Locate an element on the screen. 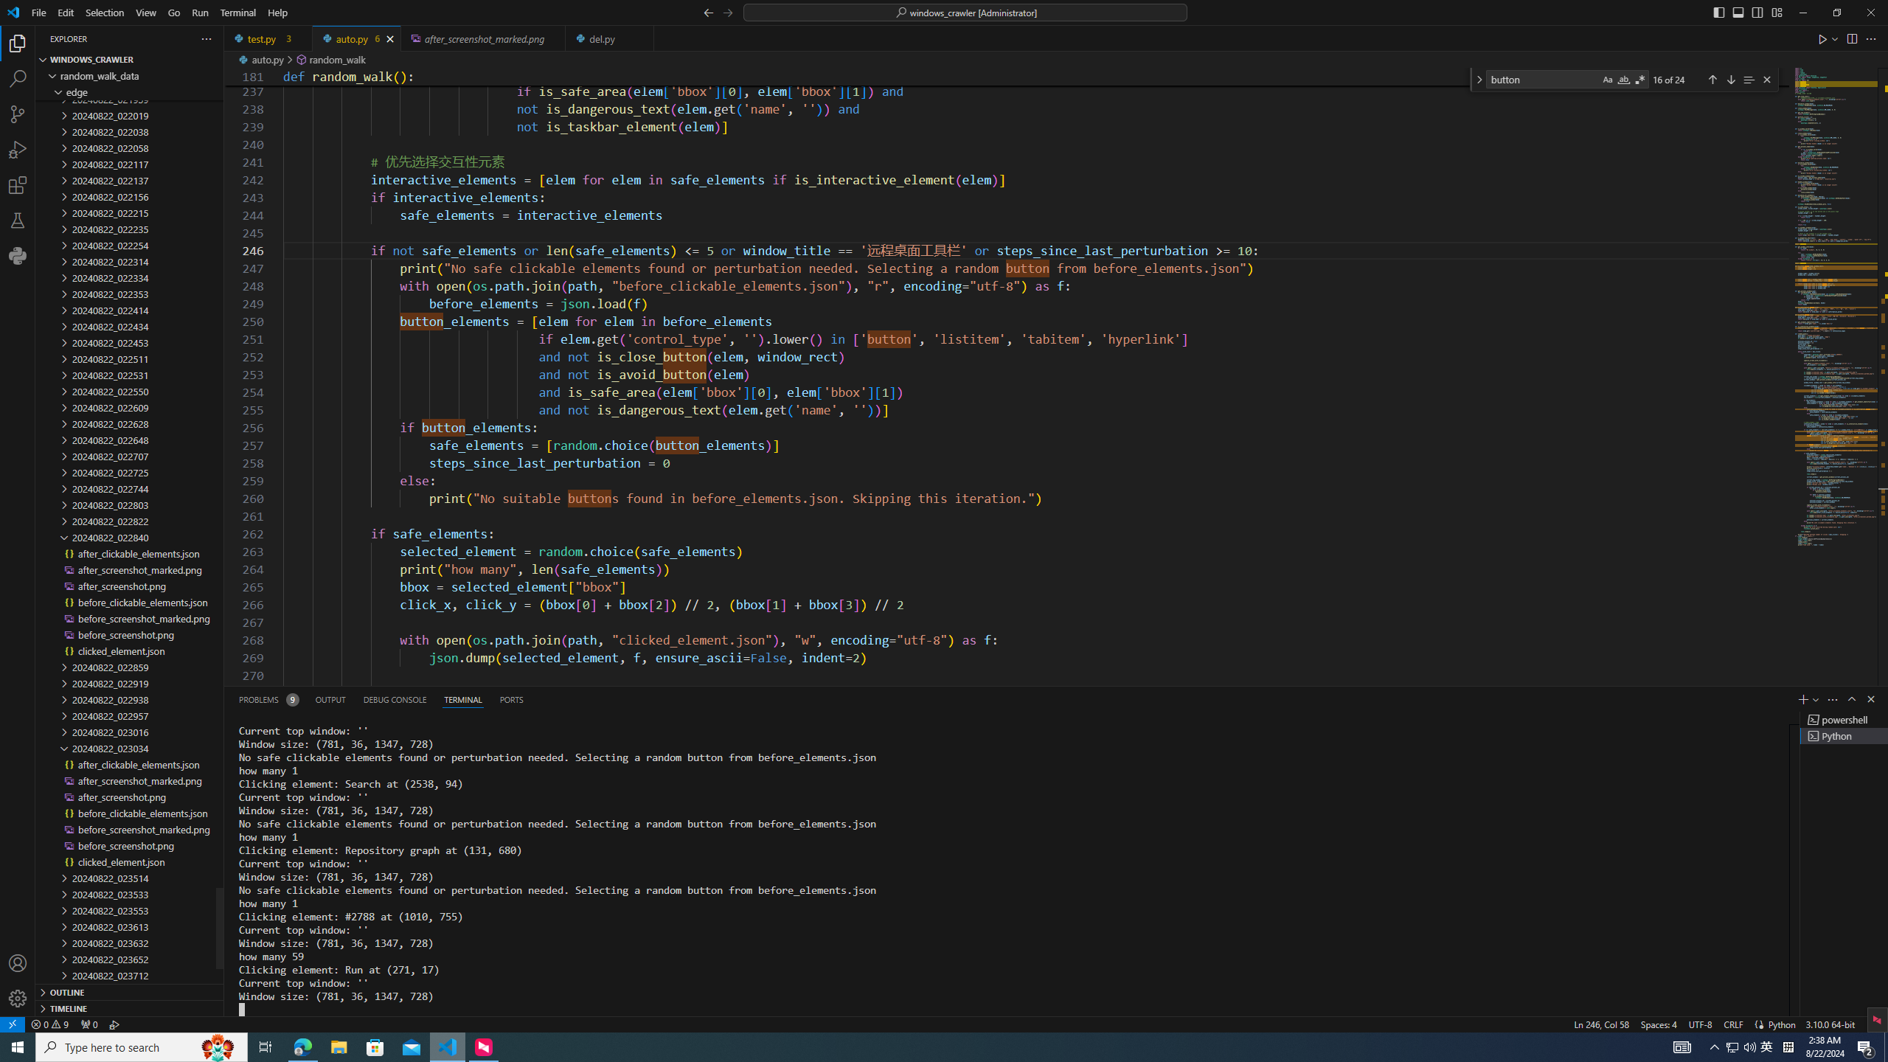 The image size is (1888, 1062). 'Run and Debug (Ctrl+Shift+D)' is located at coordinates (18, 149).